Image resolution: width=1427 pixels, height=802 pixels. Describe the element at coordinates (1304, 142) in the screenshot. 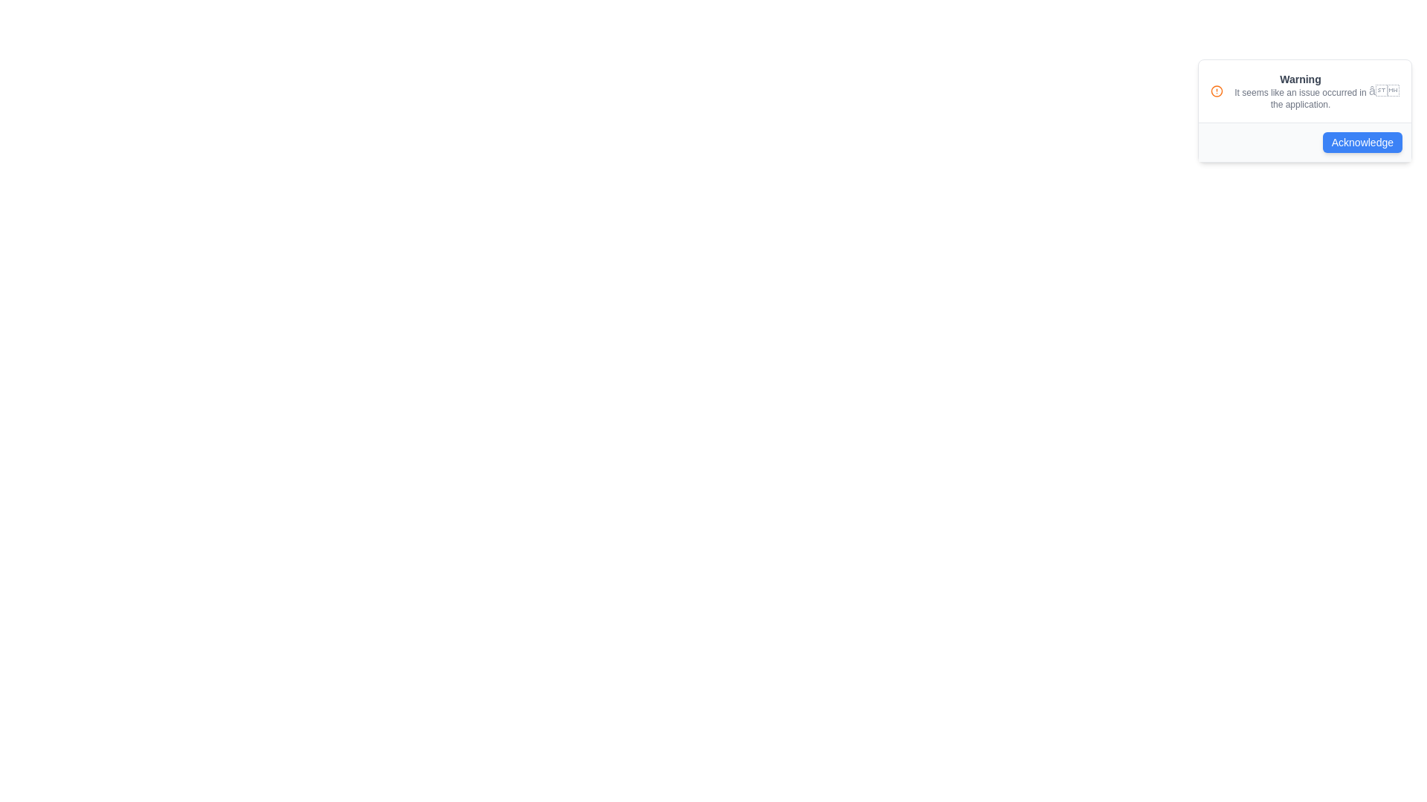

I see `the button in the bottom-right corner of the warning dialog` at that location.